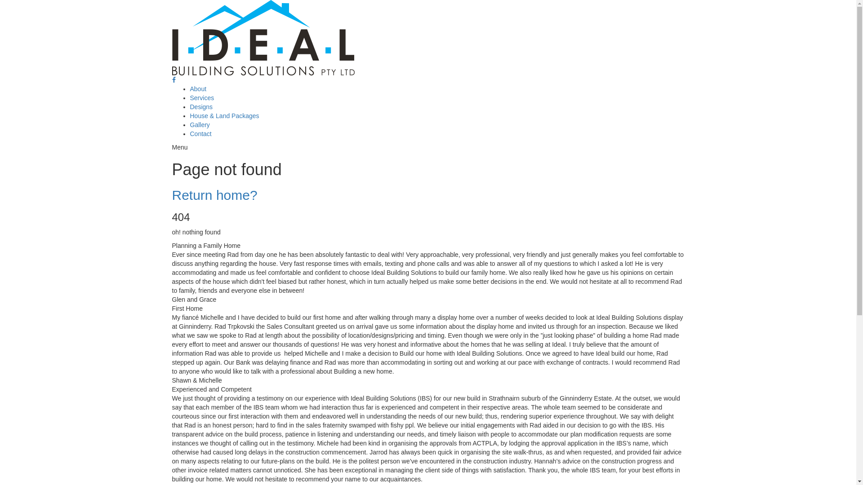  Describe the element at coordinates (189, 124) in the screenshot. I see `'Gallery'` at that location.